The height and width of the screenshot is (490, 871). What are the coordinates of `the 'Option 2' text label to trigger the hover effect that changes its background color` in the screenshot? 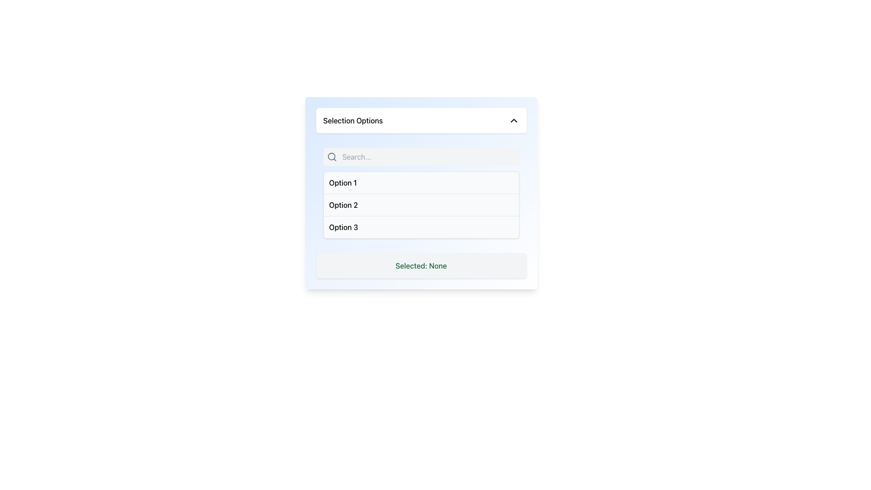 It's located at (343, 205).